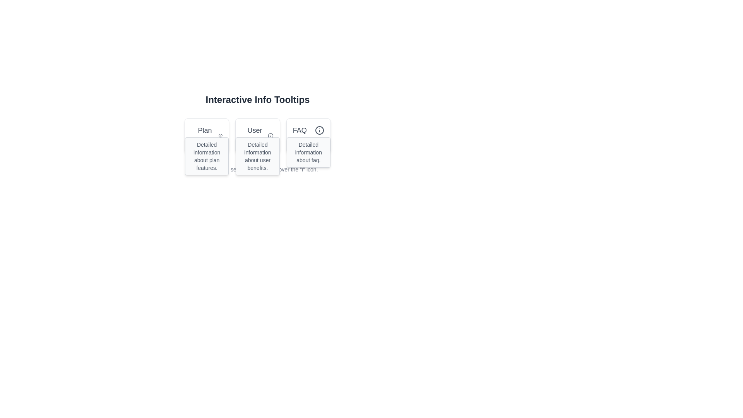 The height and width of the screenshot is (418, 743). I want to click on header text from the plan details card, which is the first card in a horizontal row, located at the top left corner with a lighter background and border, so click(207, 135).